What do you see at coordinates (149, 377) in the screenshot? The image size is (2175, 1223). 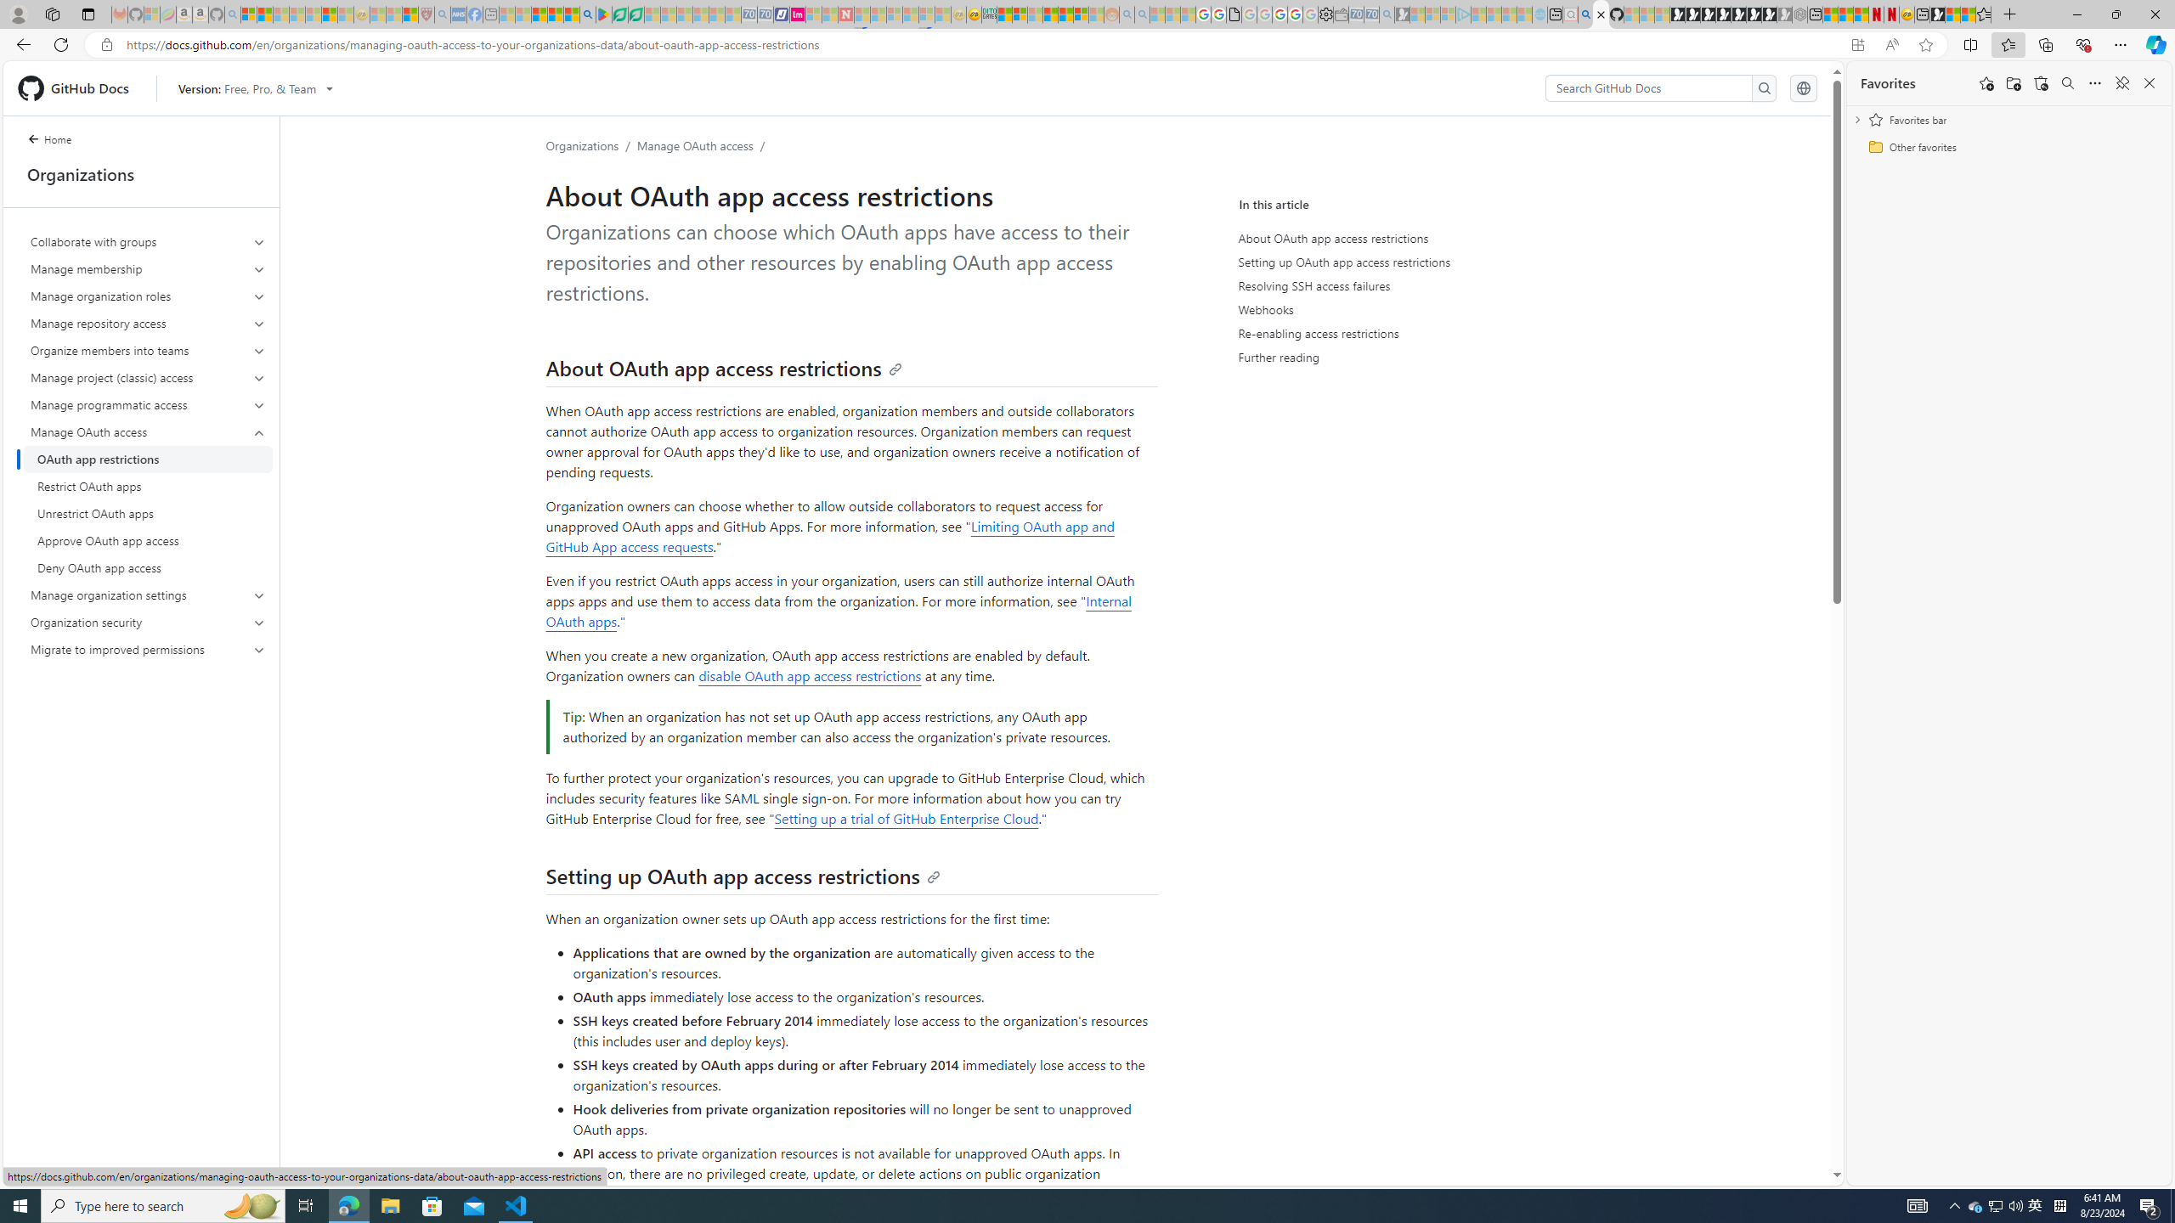 I see `'Manage project (classic) access'` at bounding box center [149, 377].